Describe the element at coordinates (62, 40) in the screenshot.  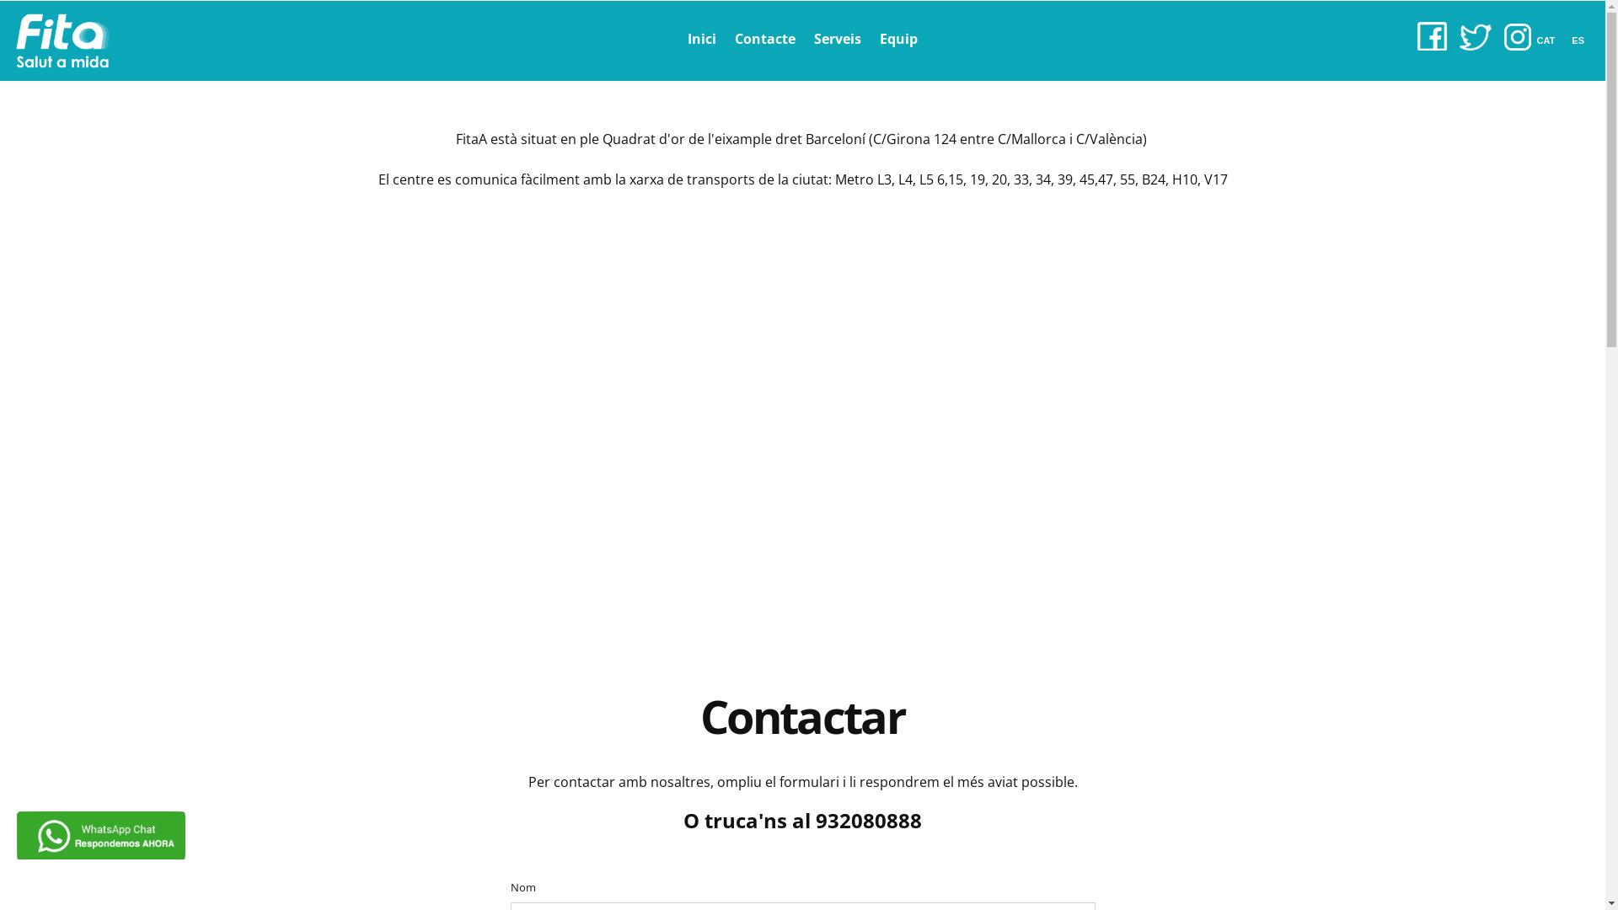
I see `'FitaA'` at that location.